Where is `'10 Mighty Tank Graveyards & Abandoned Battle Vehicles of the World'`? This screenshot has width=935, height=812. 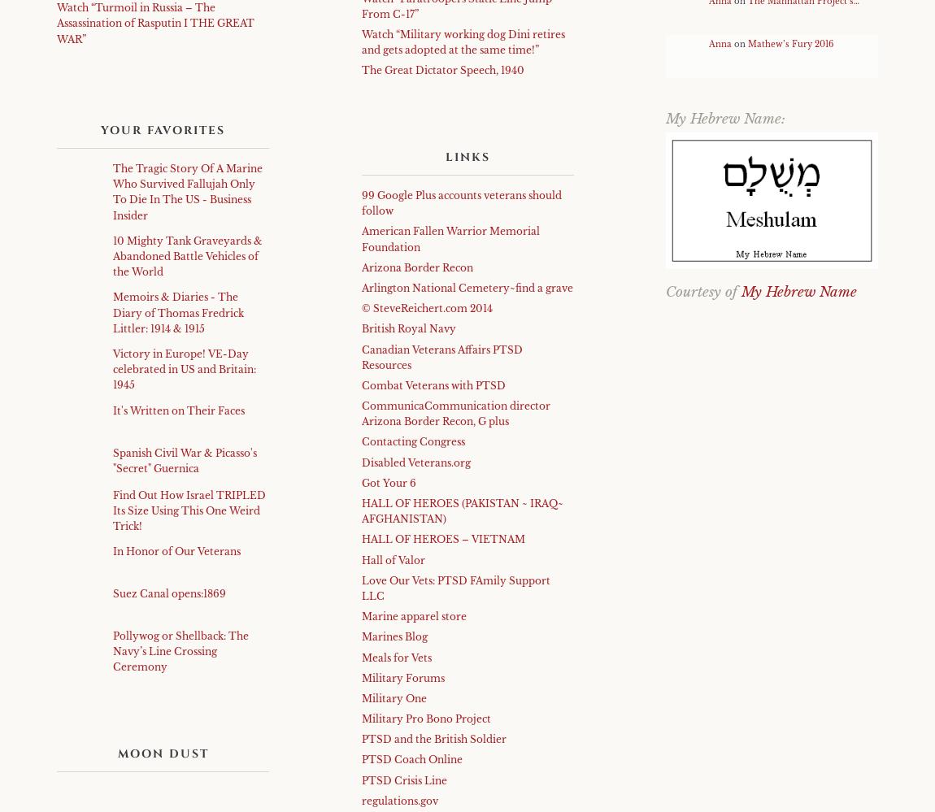 '10 Mighty Tank Graveyards & Abandoned Battle Vehicles of the World' is located at coordinates (187, 254).